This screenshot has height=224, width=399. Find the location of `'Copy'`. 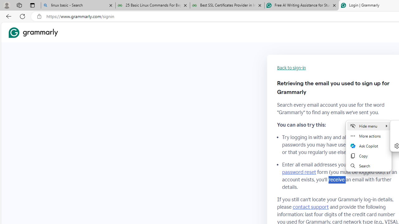

'Copy' is located at coordinates (368, 156).